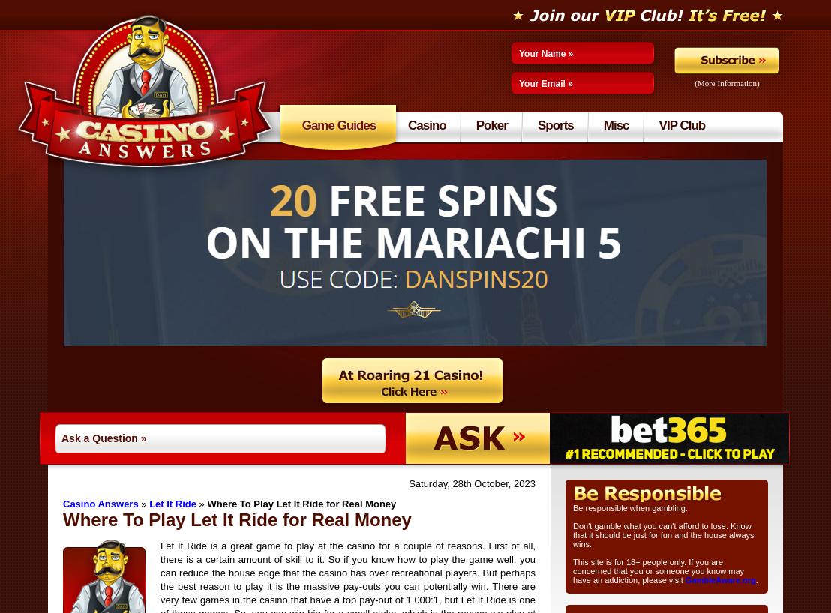 Image resolution: width=831 pixels, height=613 pixels. Describe the element at coordinates (61, 504) in the screenshot. I see `'Casino Answers'` at that location.